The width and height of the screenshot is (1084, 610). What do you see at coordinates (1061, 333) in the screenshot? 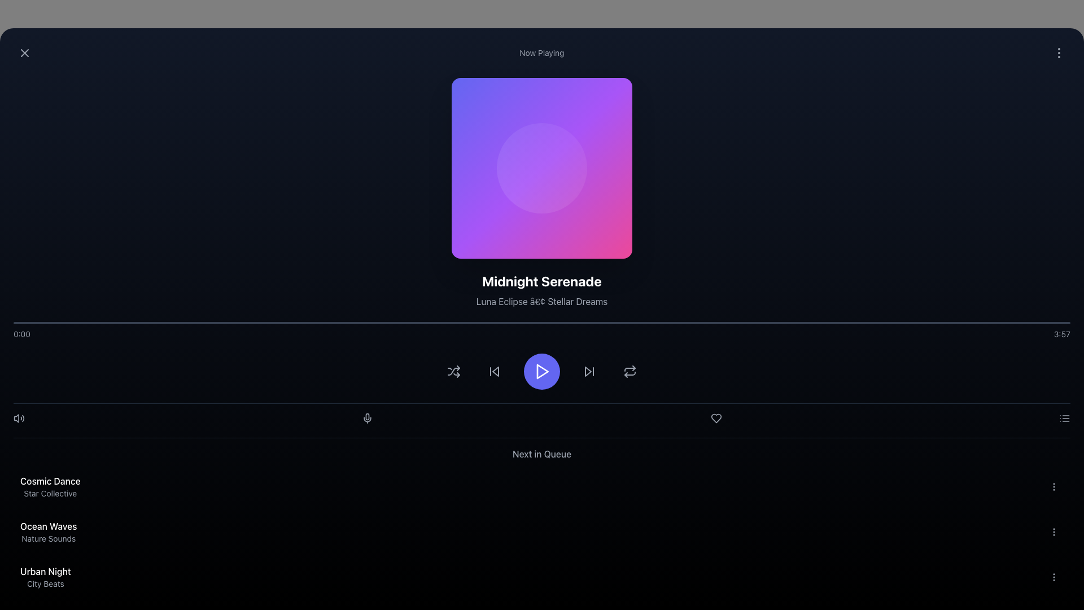
I see `the text label displaying '3:57' which indicates the total duration of the media in a media playback interface` at bounding box center [1061, 333].